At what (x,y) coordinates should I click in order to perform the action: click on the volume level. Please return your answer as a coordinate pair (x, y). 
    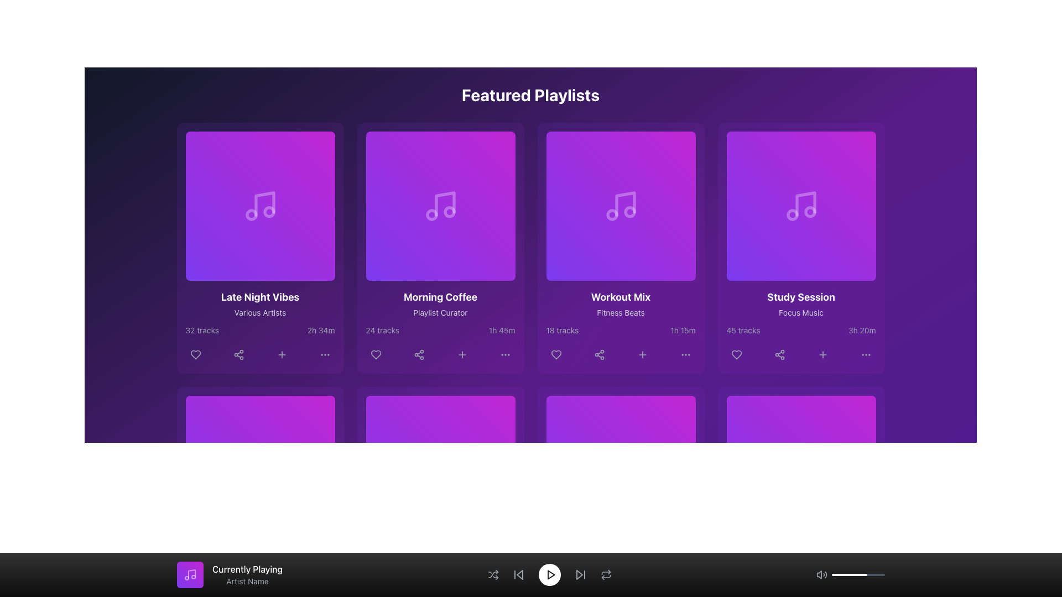
    Looking at the image, I should click on (835, 574).